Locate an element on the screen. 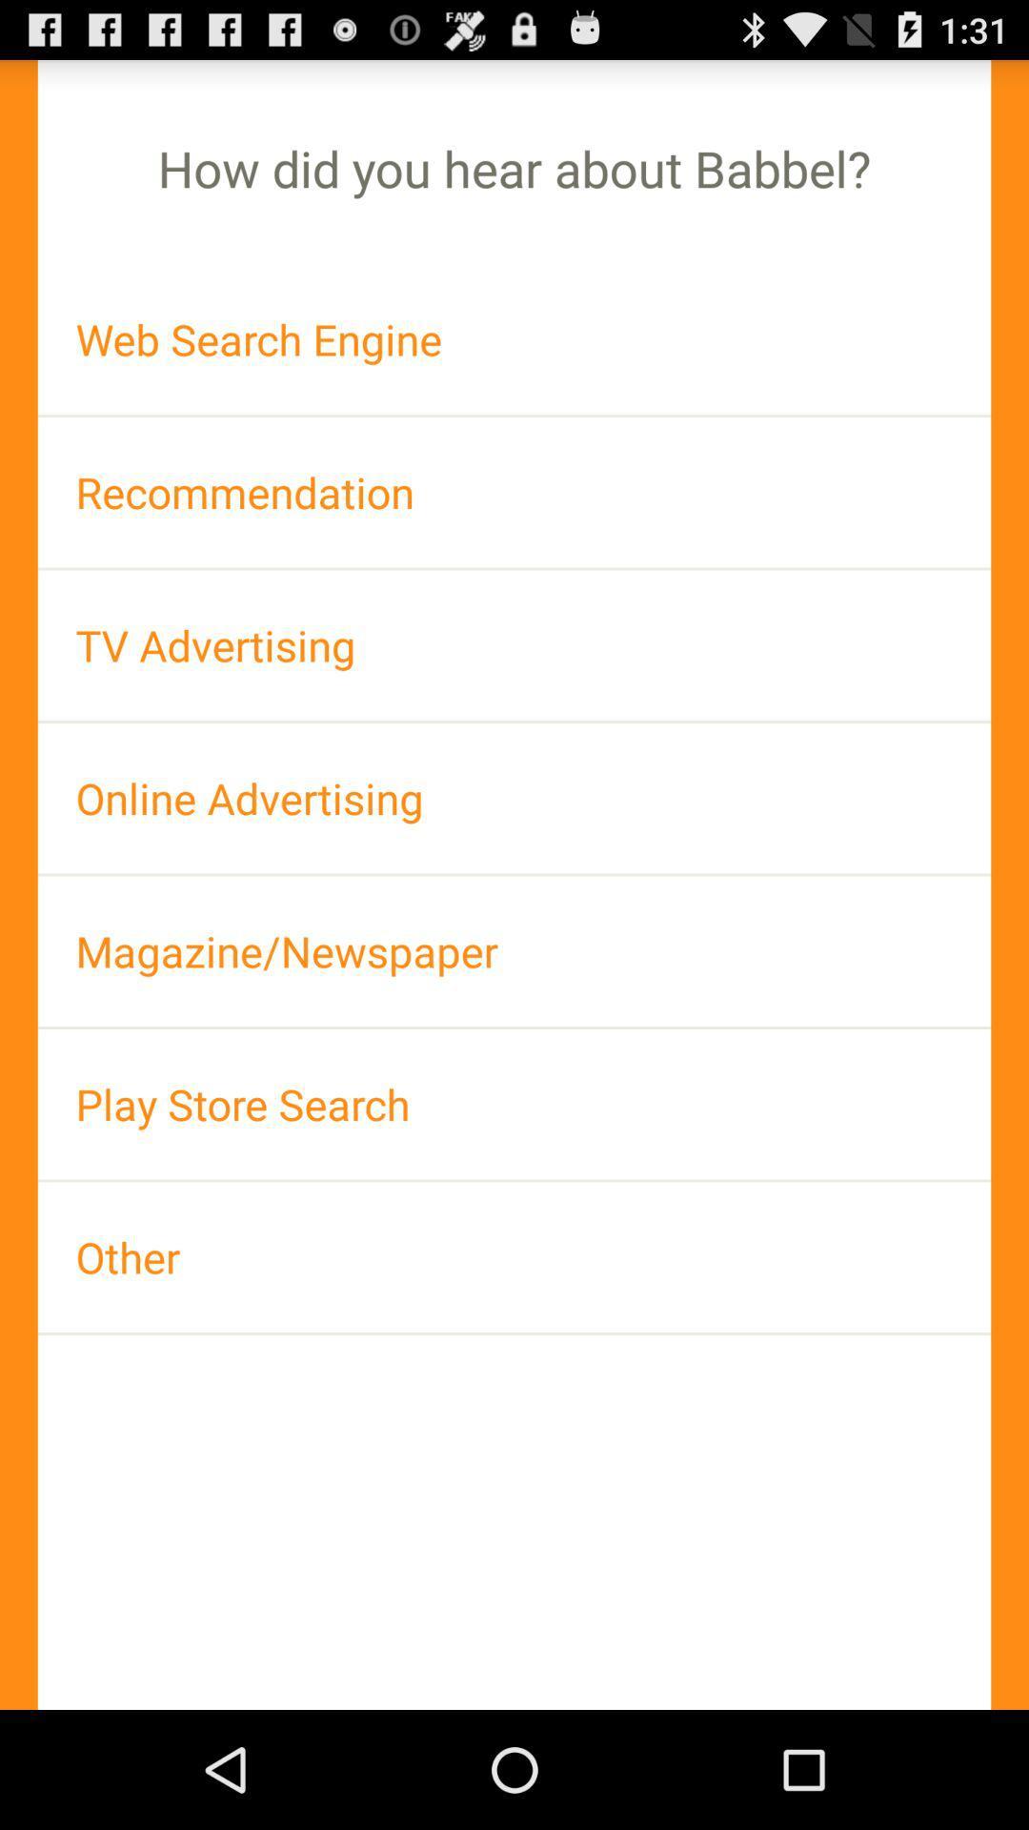  the play store search item is located at coordinates (514, 1104).